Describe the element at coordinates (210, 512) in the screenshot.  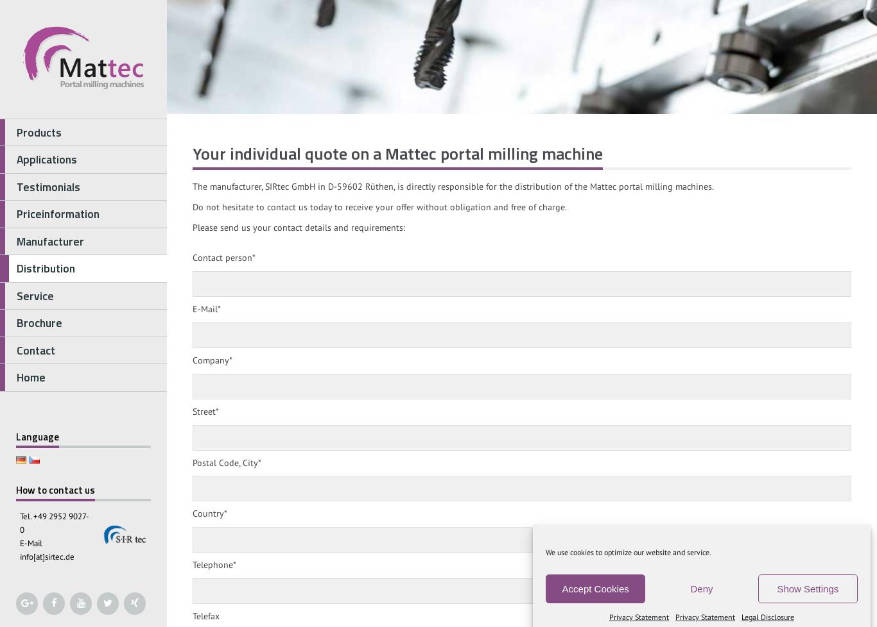
I see `'Country*'` at that location.